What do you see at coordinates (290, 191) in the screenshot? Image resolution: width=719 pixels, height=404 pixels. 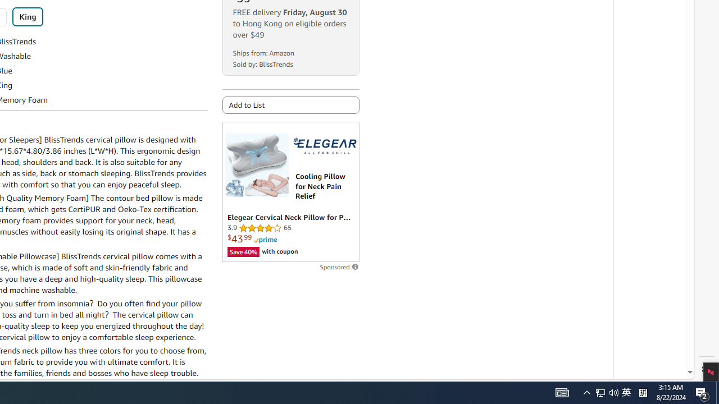 I see `'Sponsored ad'` at bounding box center [290, 191].